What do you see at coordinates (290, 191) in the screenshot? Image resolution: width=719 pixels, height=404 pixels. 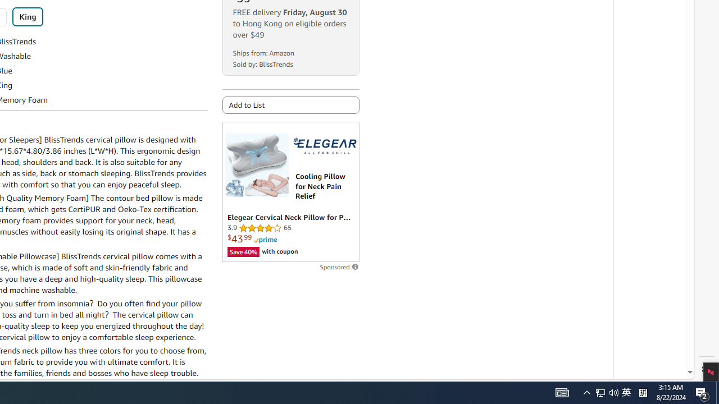 I see `'Sponsored ad'` at bounding box center [290, 191].